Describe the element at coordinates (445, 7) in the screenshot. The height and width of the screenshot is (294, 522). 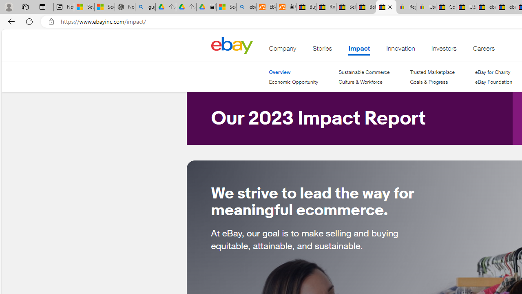
I see `'Consumer Health Data Privacy Policy - eBay Inc.'` at that location.